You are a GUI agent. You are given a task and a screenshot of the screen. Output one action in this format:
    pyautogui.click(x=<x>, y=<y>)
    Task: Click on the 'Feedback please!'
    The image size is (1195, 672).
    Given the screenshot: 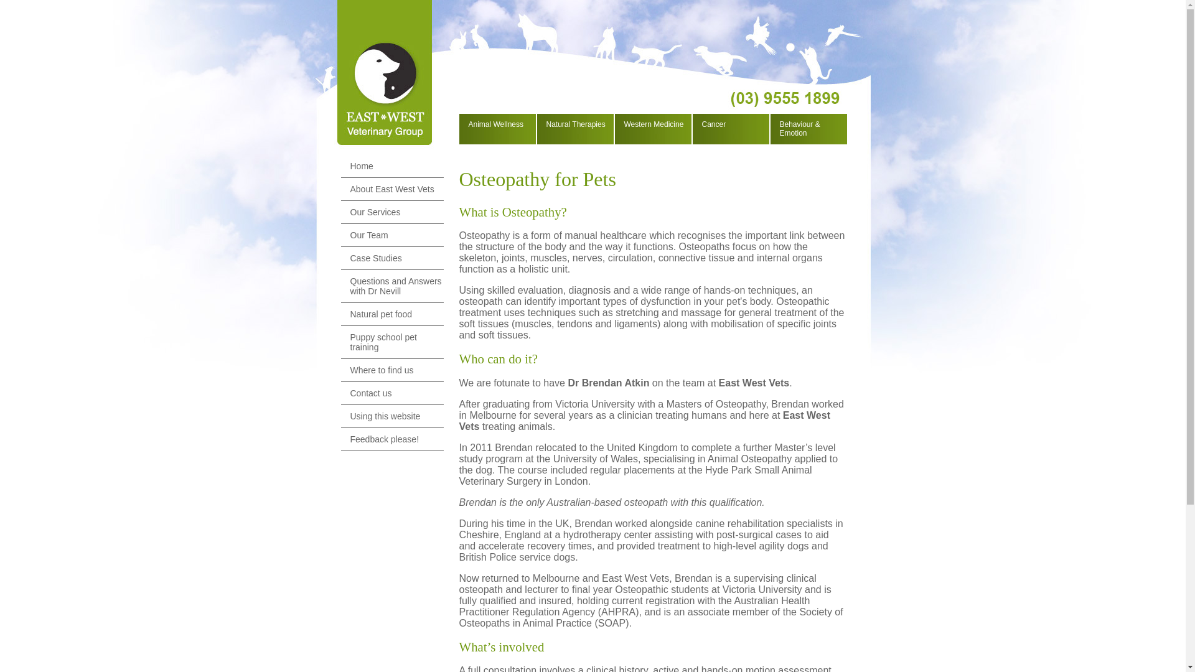 What is the action you would take?
    pyautogui.click(x=391, y=439)
    